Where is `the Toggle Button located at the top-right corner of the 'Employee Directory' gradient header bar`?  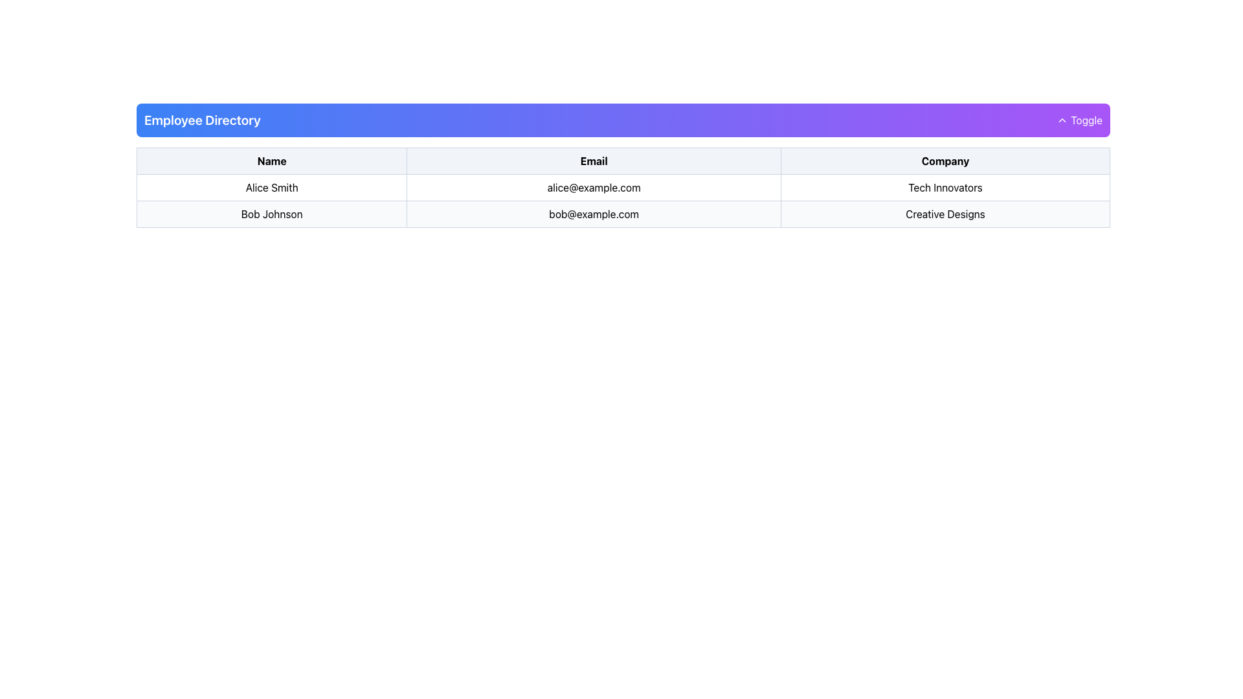 the Toggle Button located at the top-right corner of the 'Employee Directory' gradient header bar is located at coordinates (1079, 120).